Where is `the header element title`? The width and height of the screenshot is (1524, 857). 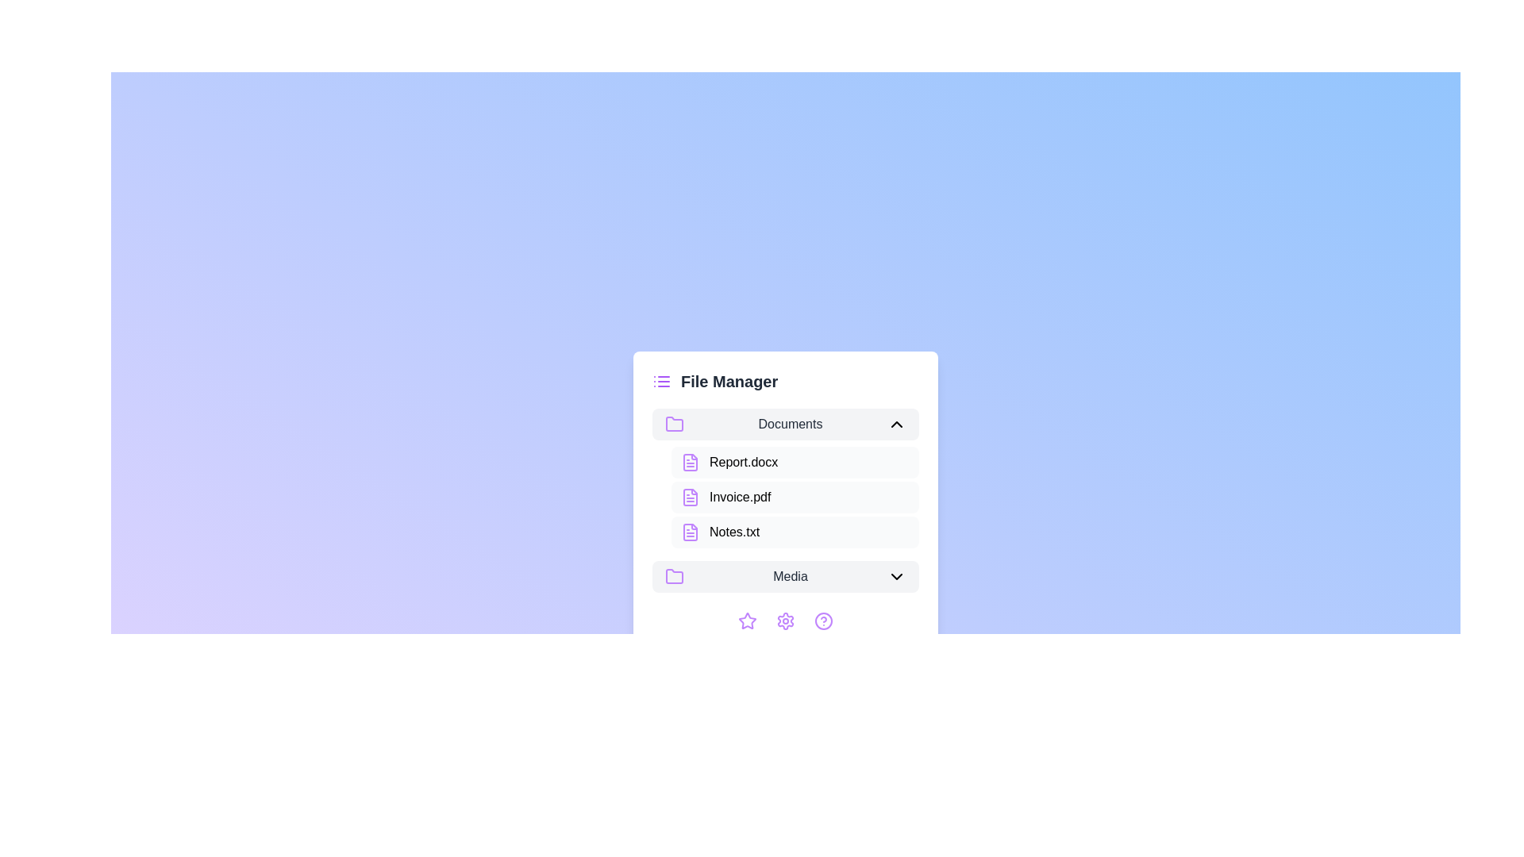 the header element title is located at coordinates (728, 382).